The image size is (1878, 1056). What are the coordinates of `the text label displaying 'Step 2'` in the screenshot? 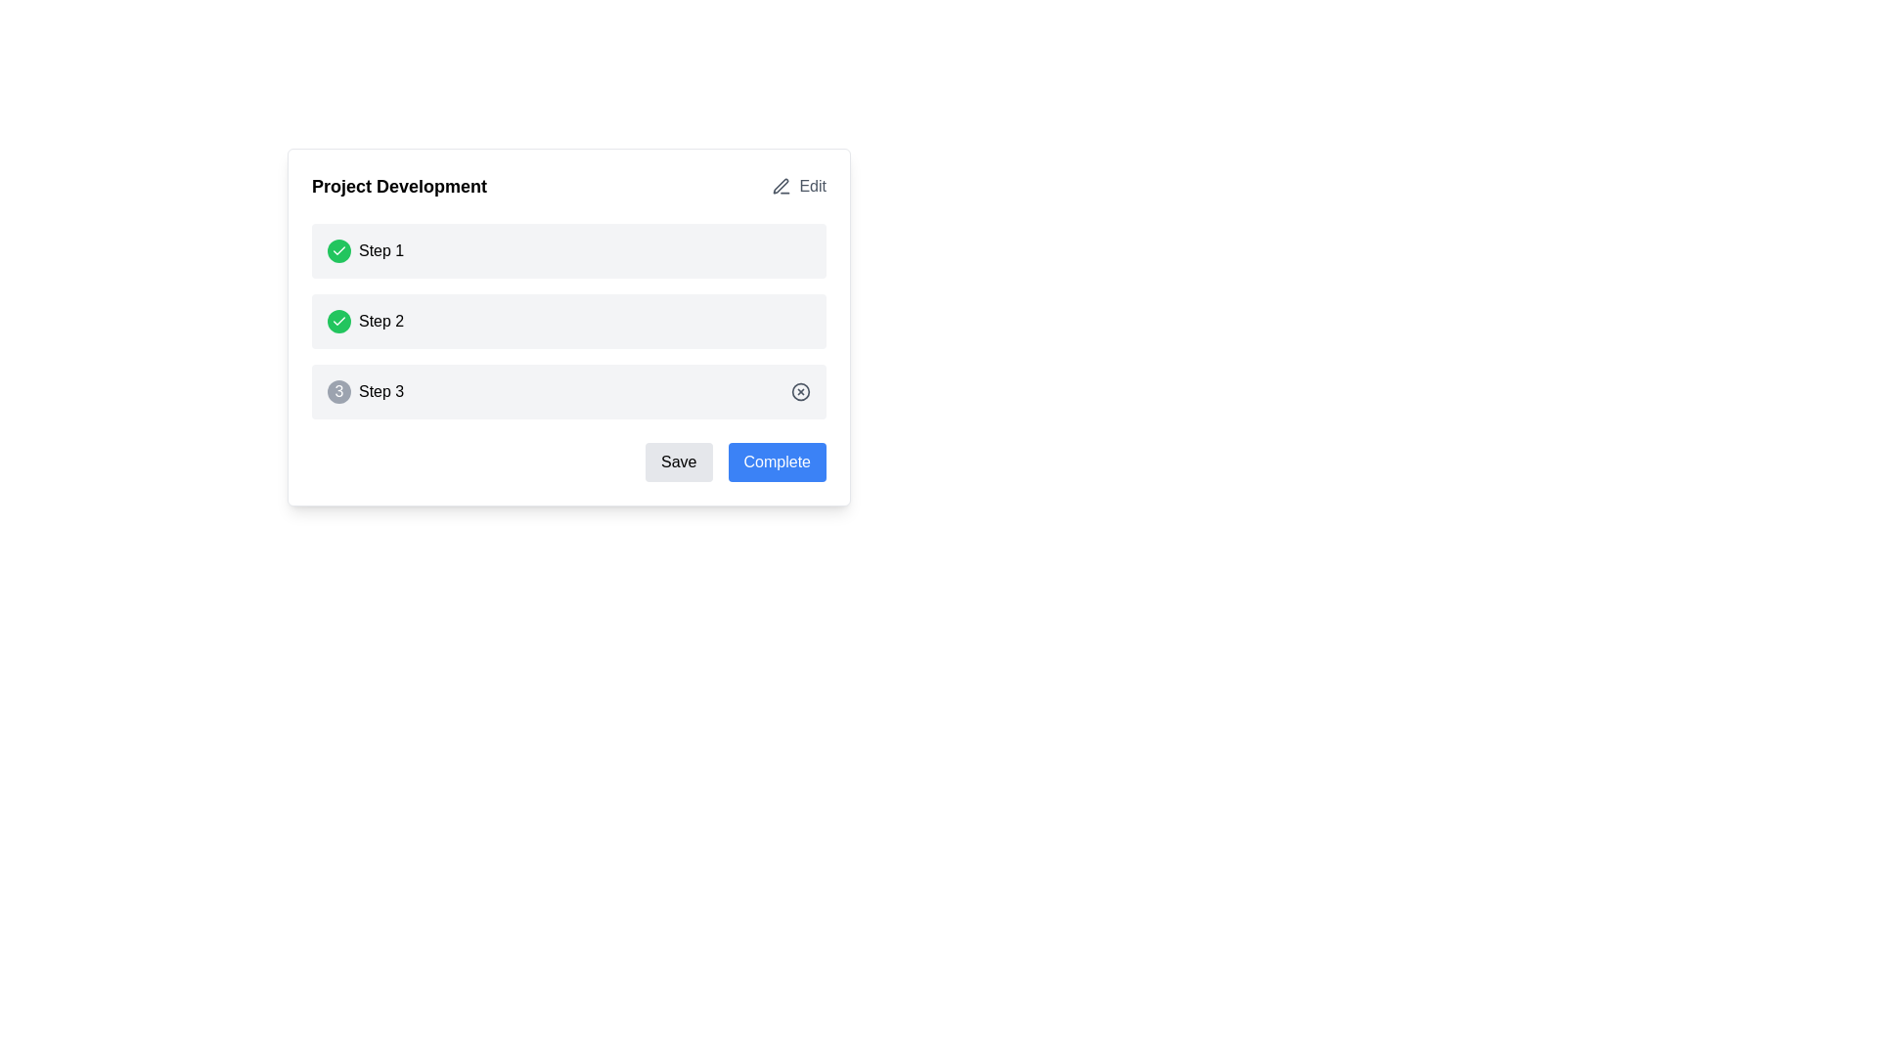 It's located at (381, 320).